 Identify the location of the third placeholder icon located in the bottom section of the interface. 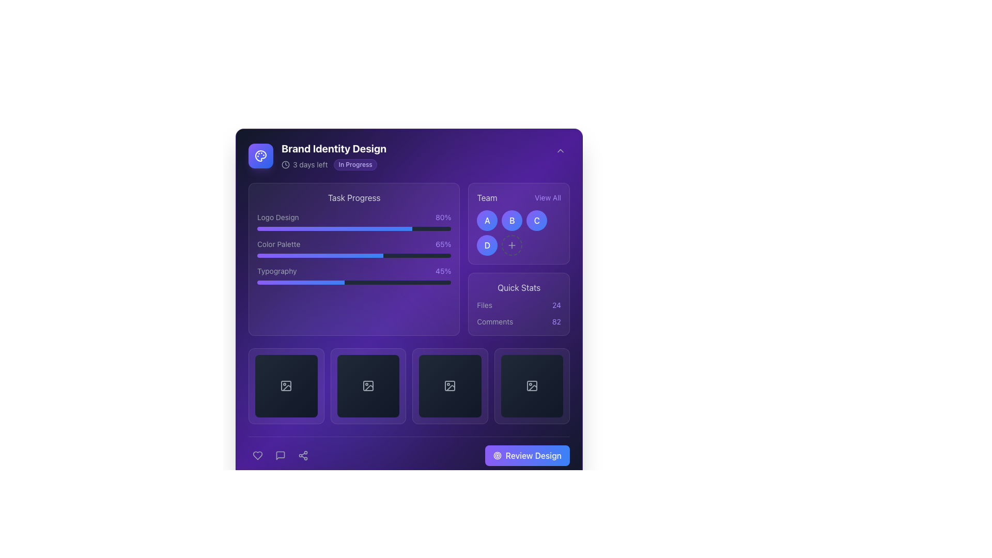
(451, 388).